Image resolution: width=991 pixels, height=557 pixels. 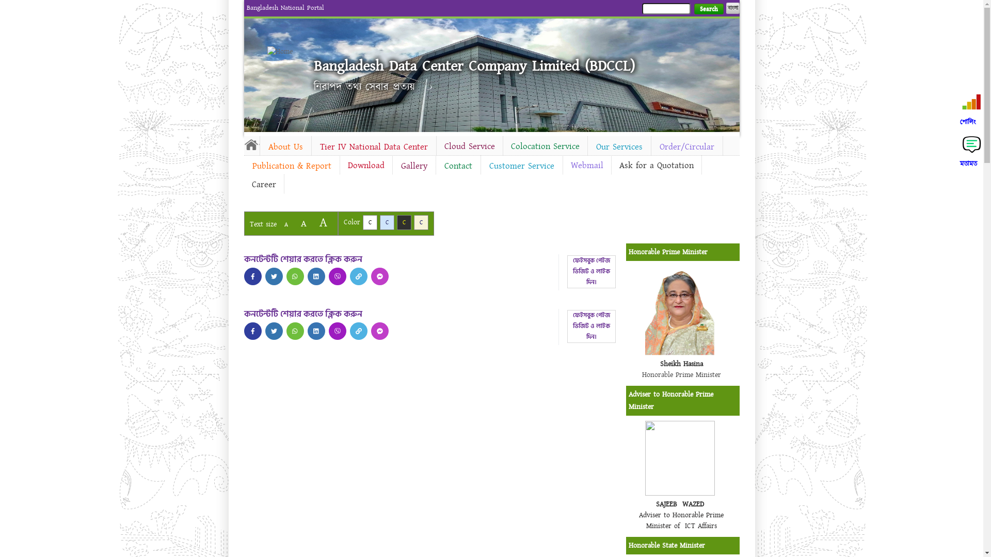 I want to click on 'C', so click(x=369, y=222).